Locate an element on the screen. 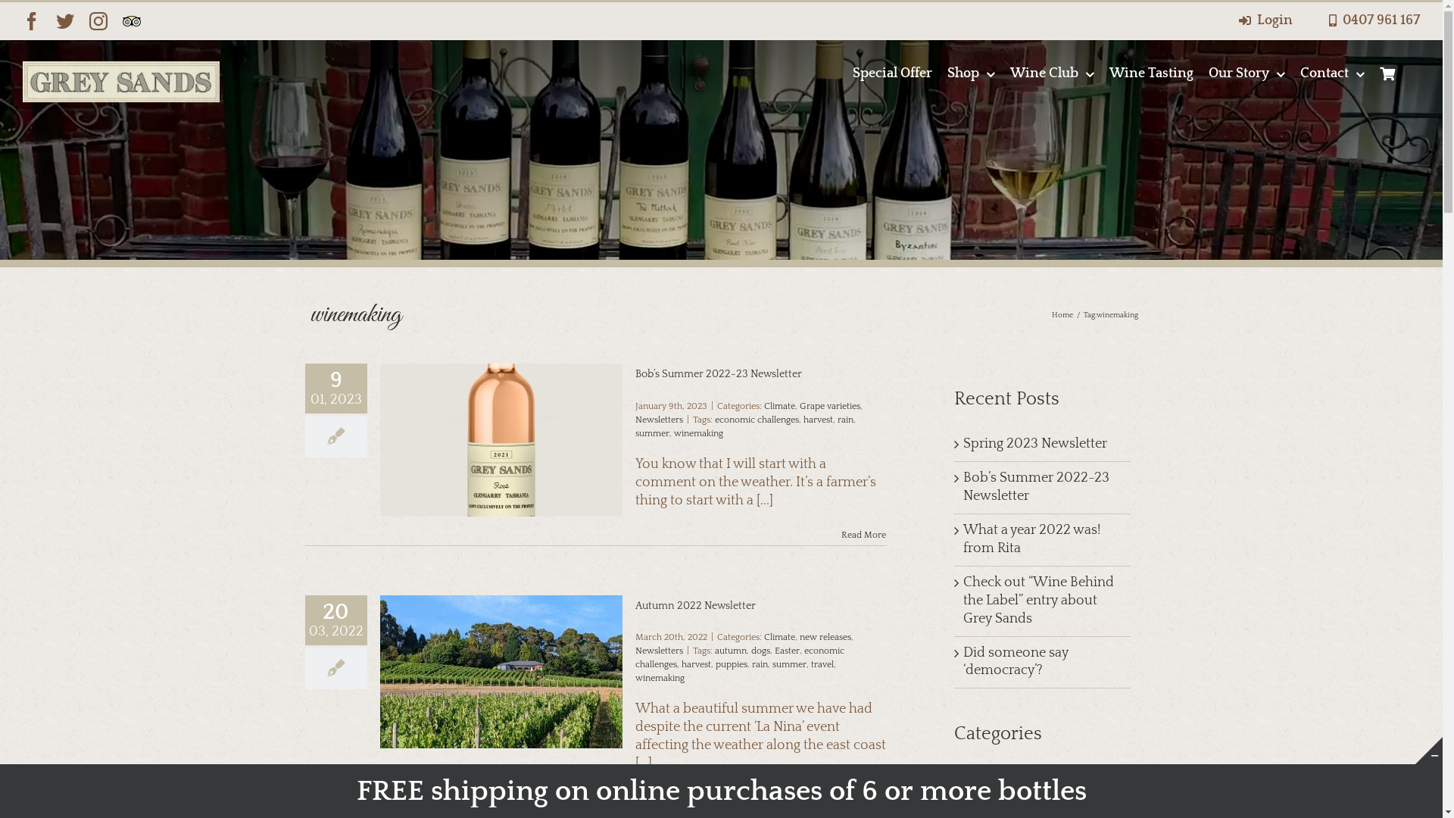 This screenshot has height=818, width=1454. 'Contact' is located at coordinates (1300, 82).